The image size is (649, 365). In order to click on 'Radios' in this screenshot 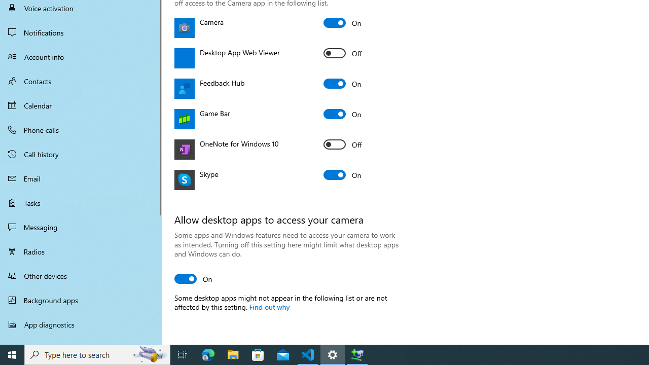, I will do `click(81, 251)`.